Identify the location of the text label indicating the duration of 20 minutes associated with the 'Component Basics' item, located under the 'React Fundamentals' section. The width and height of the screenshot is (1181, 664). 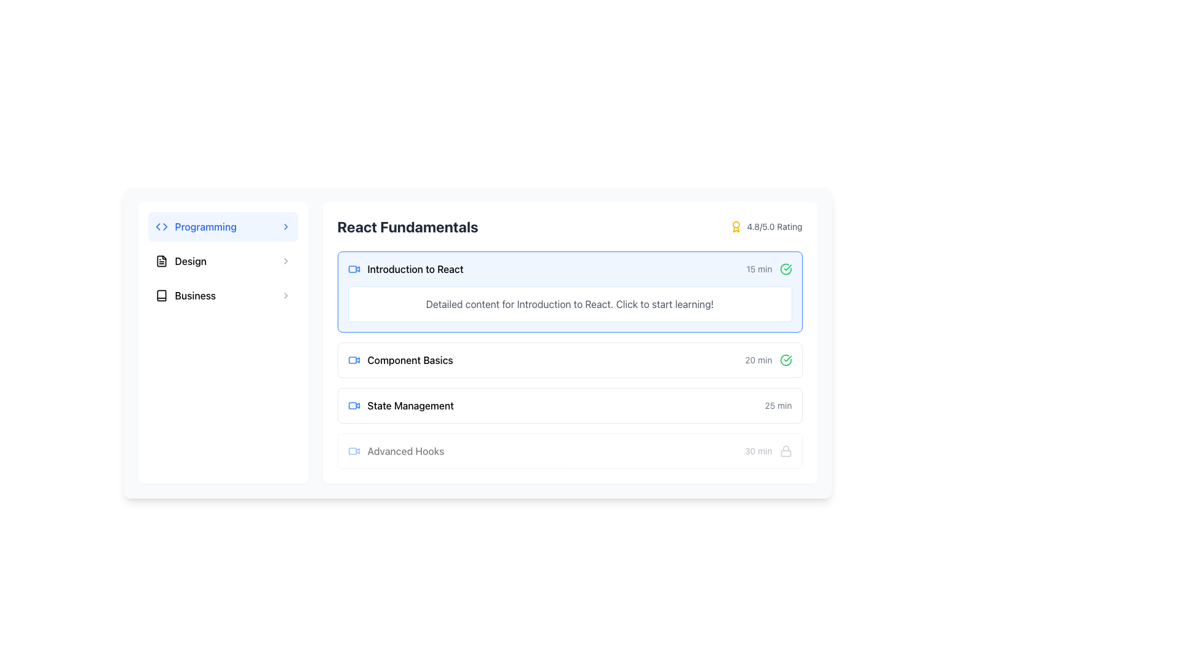
(768, 360).